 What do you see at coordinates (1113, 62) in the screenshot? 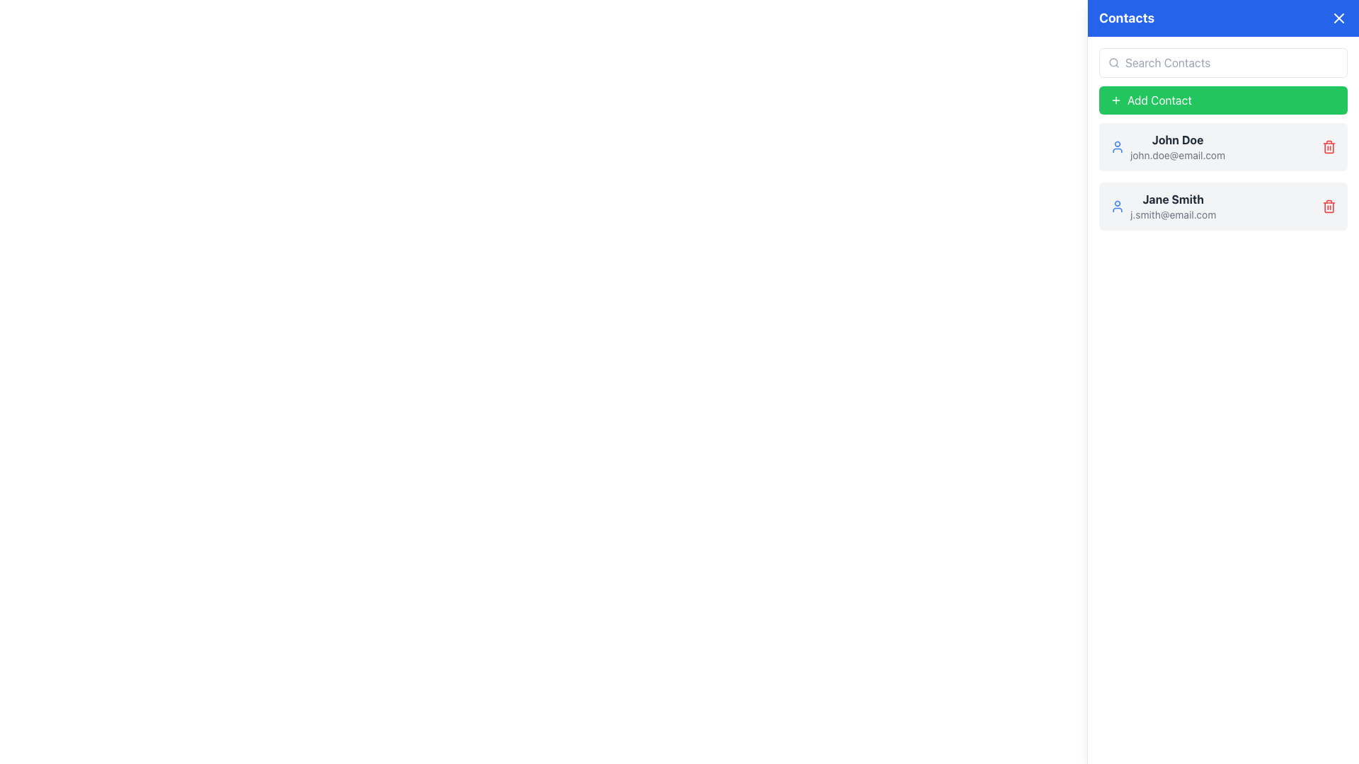
I see `the SVG Circle element representing the search function in the contacts panel, located near the top-right corner of the UI` at bounding box center [1113, 62].